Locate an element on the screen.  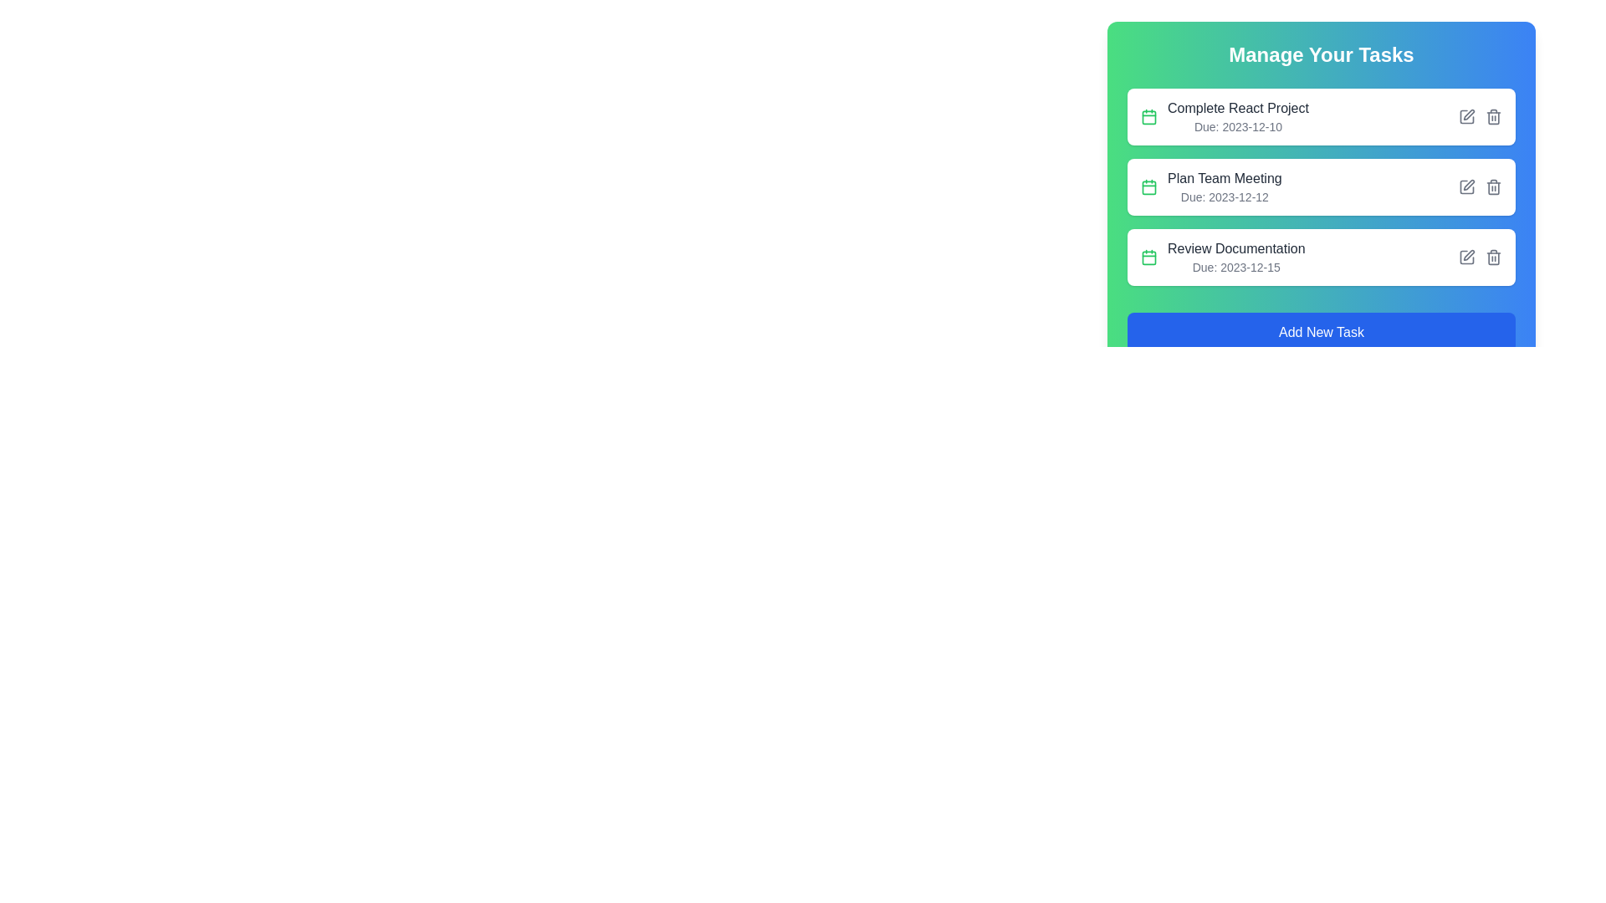
the delete button for the task 'Plan Team Meeting' is located at coordinates (1493, 186).